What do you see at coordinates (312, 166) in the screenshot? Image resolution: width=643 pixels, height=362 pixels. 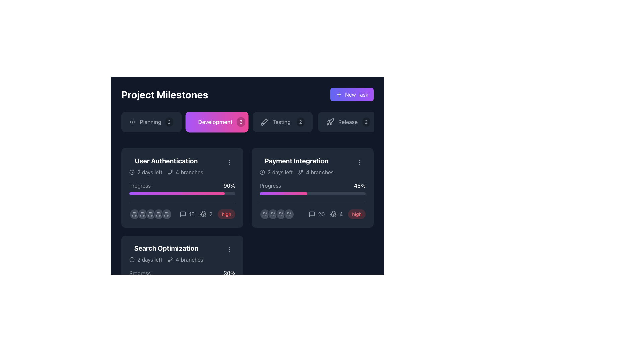 I see `the title 'Payment Integration'` at bounding box center [312, 166].